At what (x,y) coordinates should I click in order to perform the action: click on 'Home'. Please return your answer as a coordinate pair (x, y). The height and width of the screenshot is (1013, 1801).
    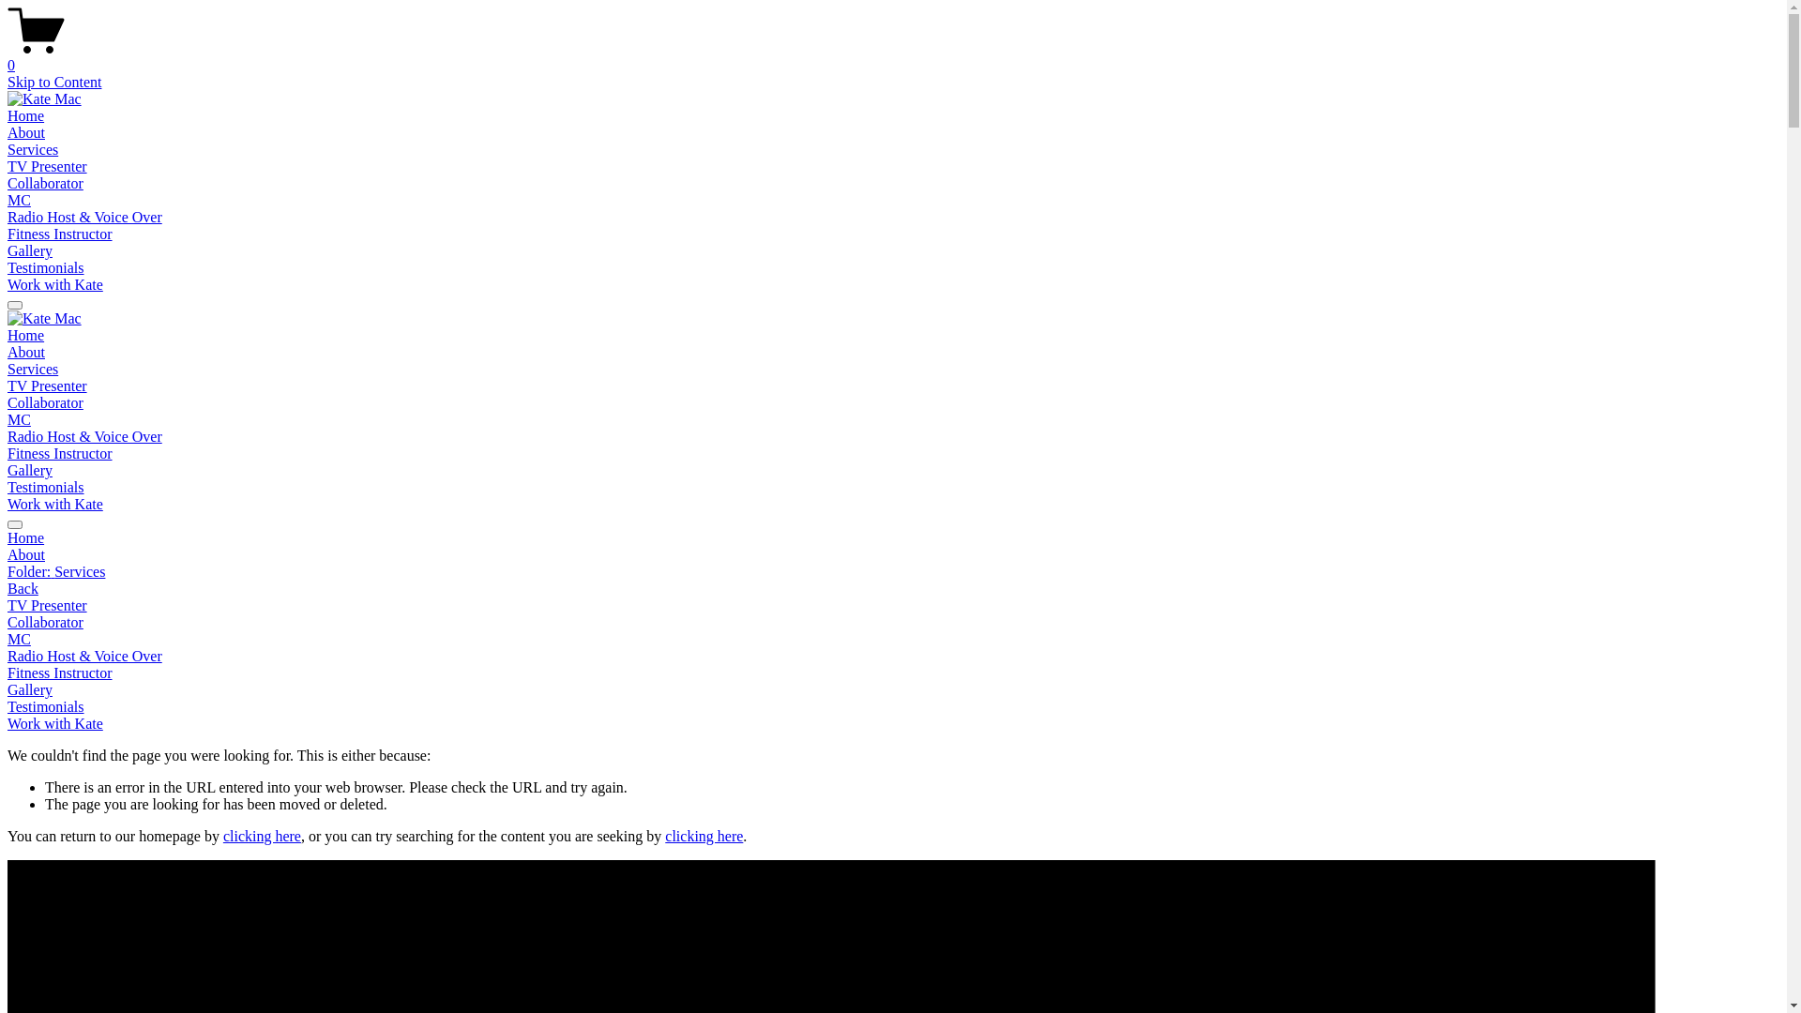
    Looking at the image, I should click on (25, 334).